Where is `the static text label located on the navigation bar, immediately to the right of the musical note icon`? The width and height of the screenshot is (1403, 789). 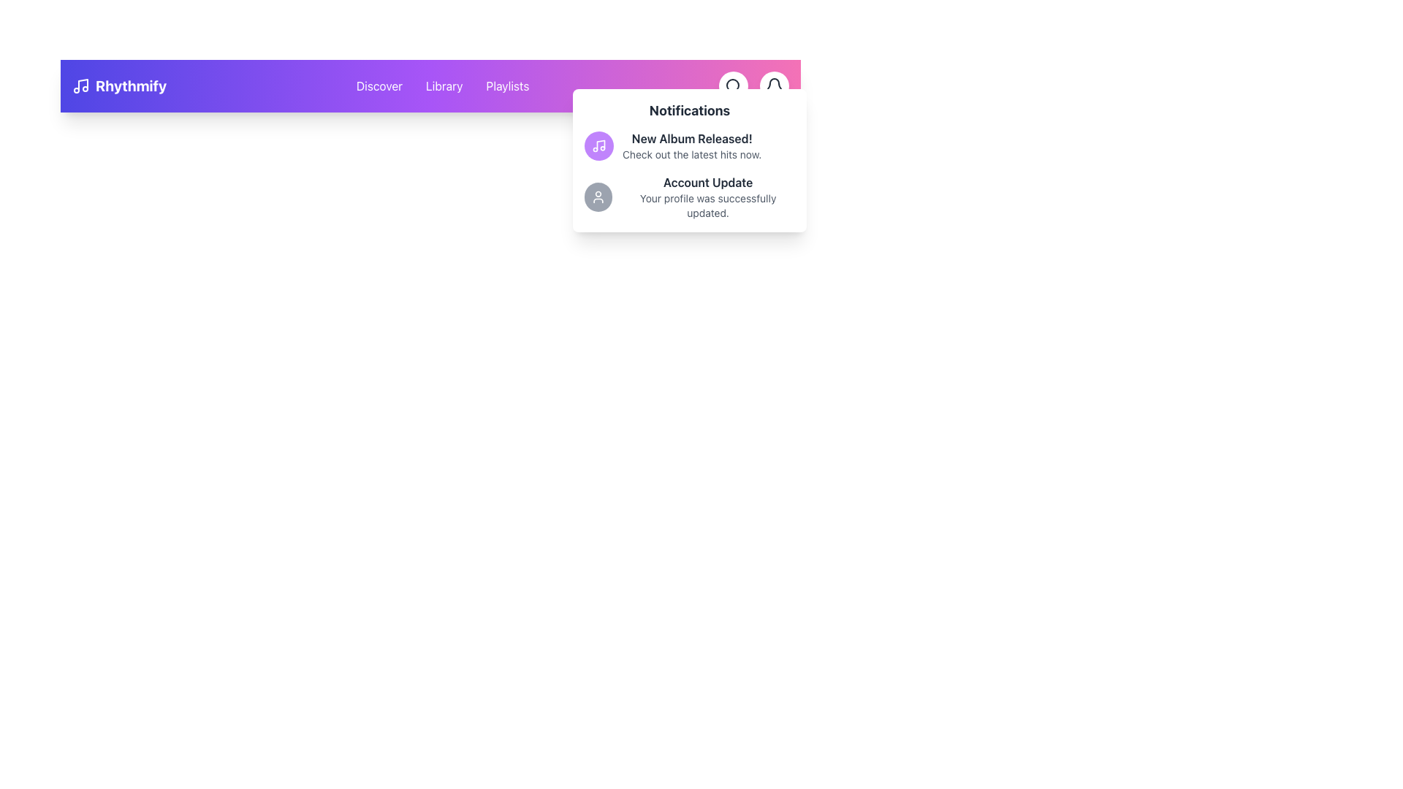
the static text label located on the navigation bar, immediately to the right of the musical note icon is located at coordinates (131, 86).